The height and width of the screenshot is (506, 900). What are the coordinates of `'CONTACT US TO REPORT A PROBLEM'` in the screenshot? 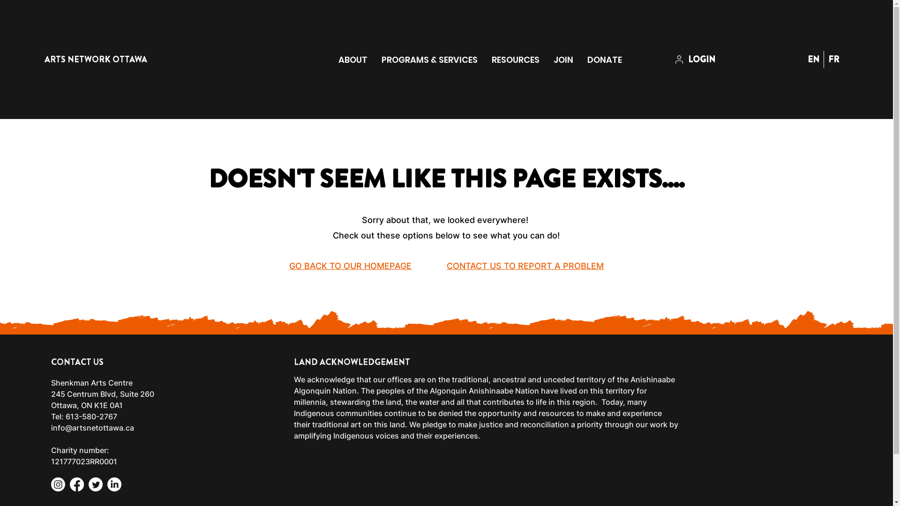 It's located at (525, 266).